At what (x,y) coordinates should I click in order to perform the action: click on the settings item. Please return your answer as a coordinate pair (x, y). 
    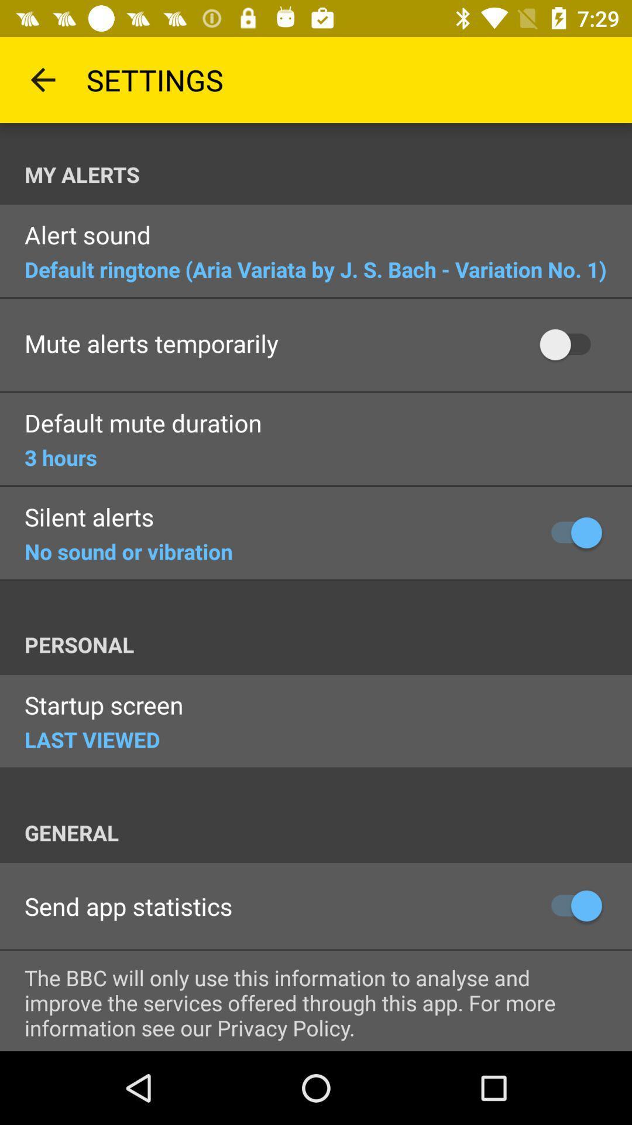
    Looking at the image, I should click on (154, 79).